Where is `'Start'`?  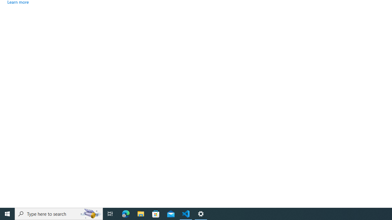
'Start' is located at coordinates (7, 213).